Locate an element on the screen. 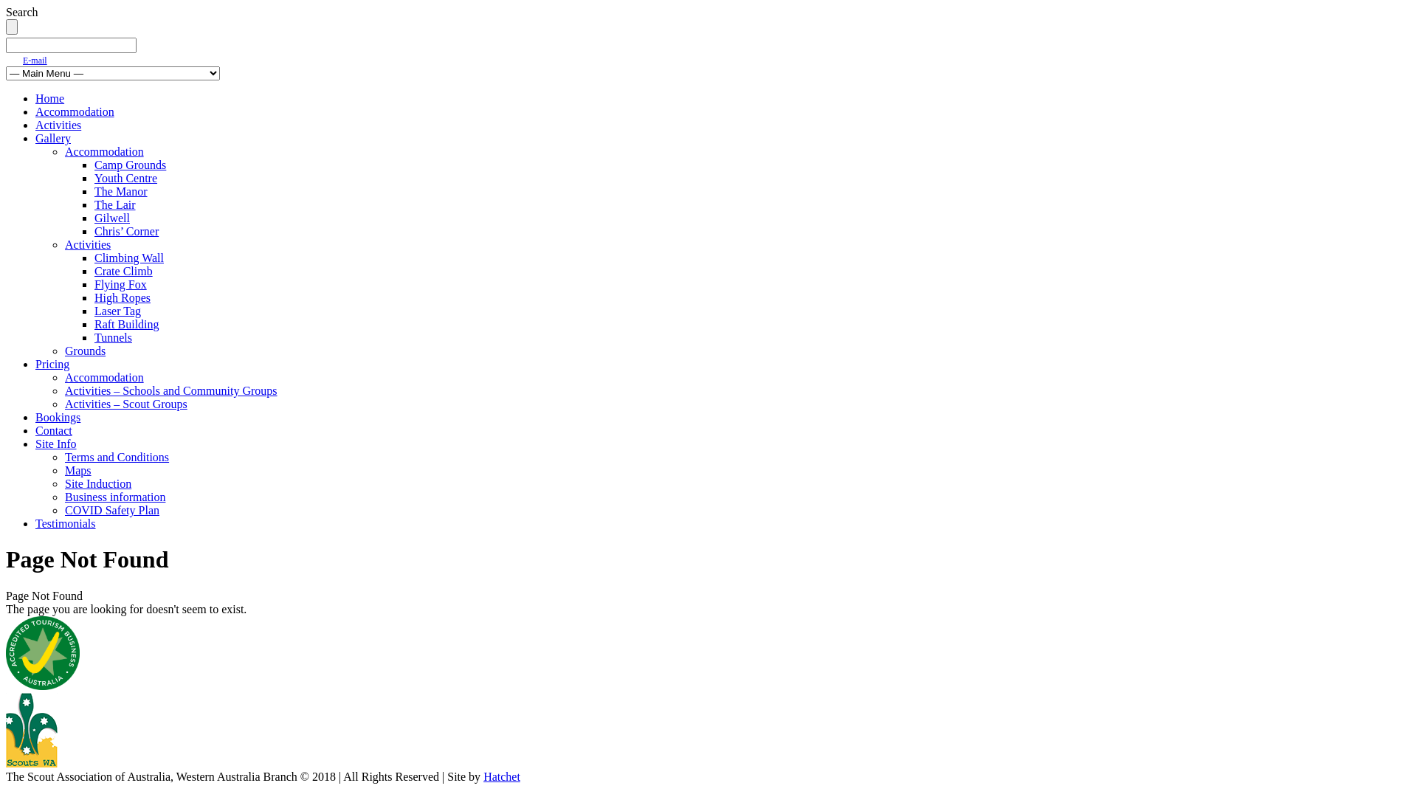  'Crate Climb' is located at coordinates (94, 271).